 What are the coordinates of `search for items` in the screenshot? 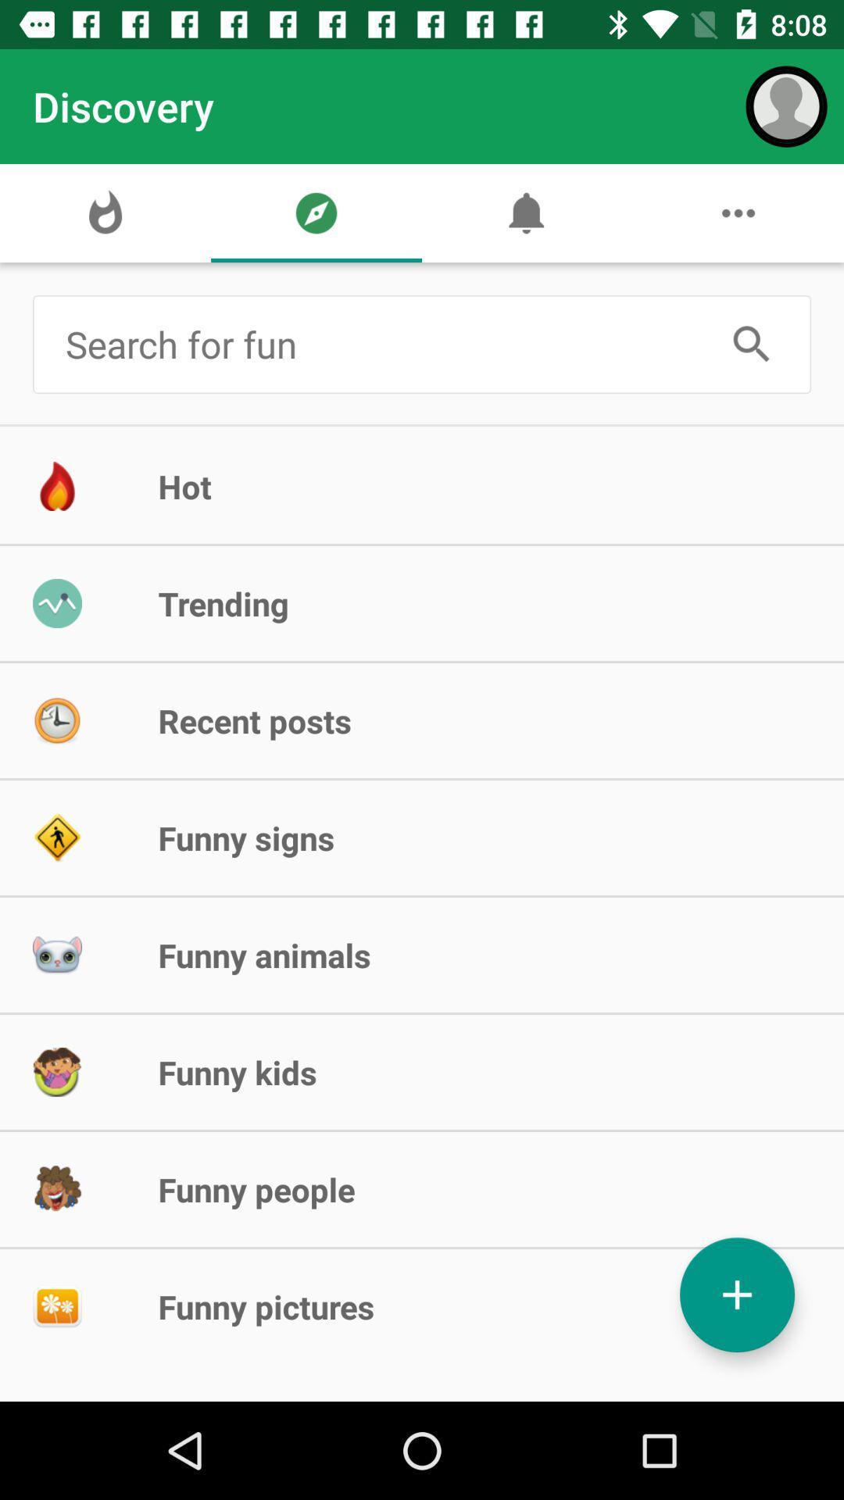 It's located at (384, 343).